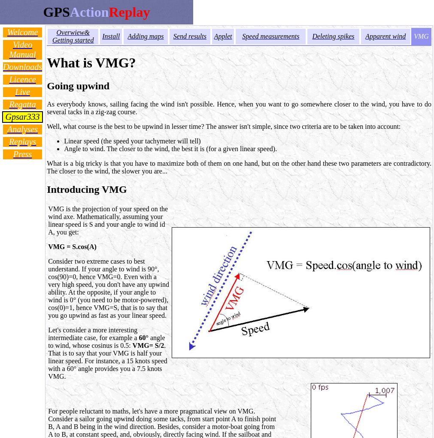 This screenshot has height=438, width=434. What do you see at coordinates (21, 91) in the screenshot?
I see `'Live'` at bounding box center [21, 91].